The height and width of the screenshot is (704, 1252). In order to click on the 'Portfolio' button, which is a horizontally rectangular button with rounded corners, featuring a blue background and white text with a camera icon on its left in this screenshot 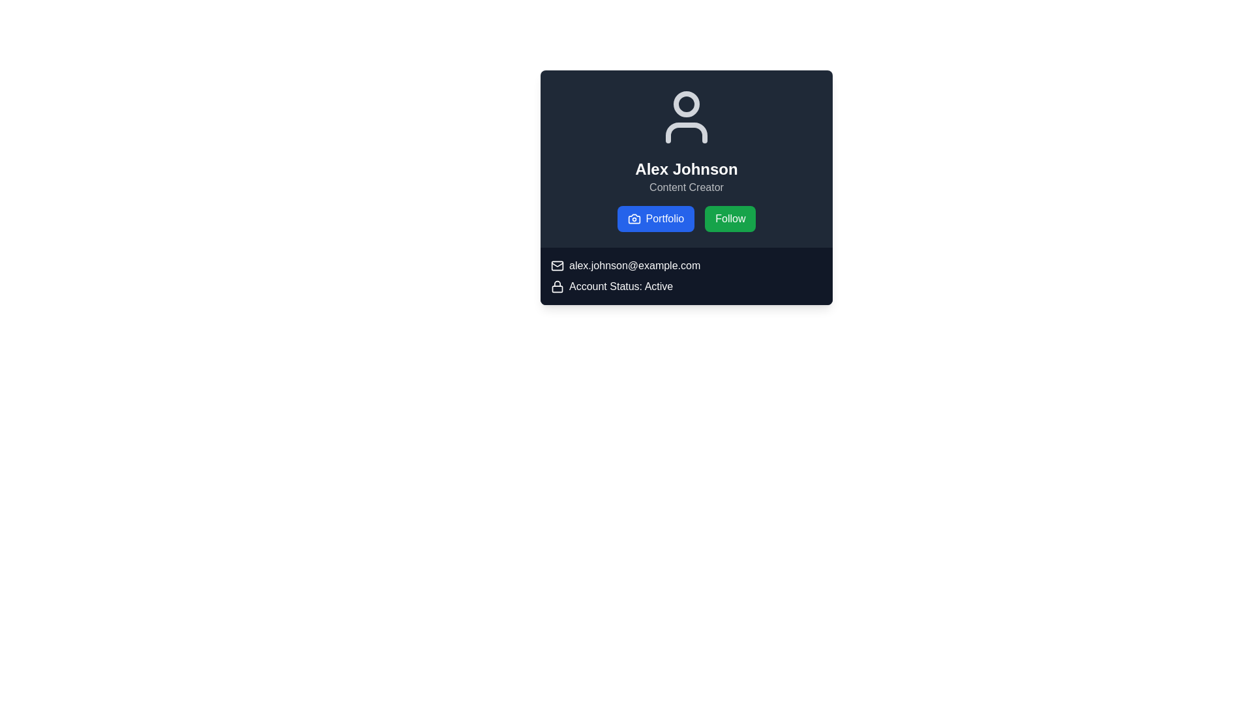, I will do `click(655, 218)`.